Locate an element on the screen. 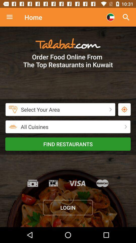  custom is located at coordinates (12, 17).